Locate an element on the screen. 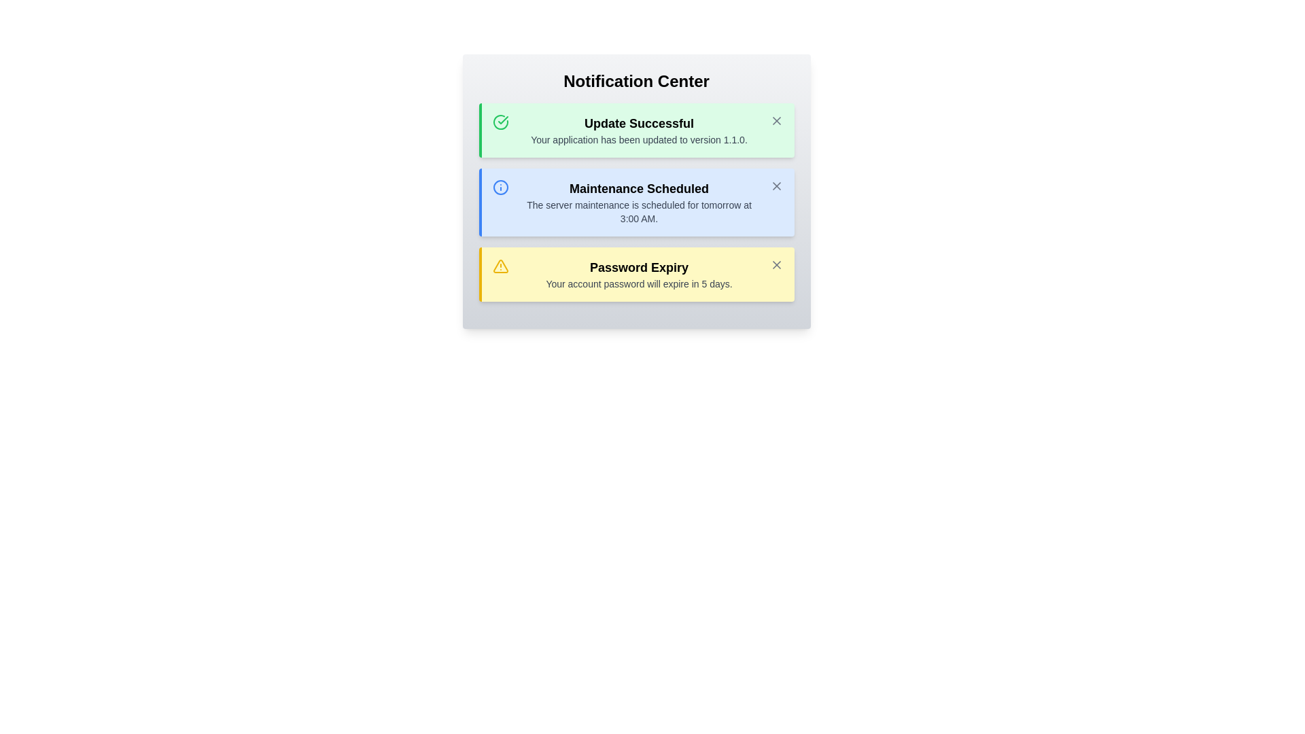 The image size is (1305, 734). text content located below the bold text 'Maintenance Scheduled' inside the blue card, which is the second notification in the Notification Center is located at coordinates (638, 212).